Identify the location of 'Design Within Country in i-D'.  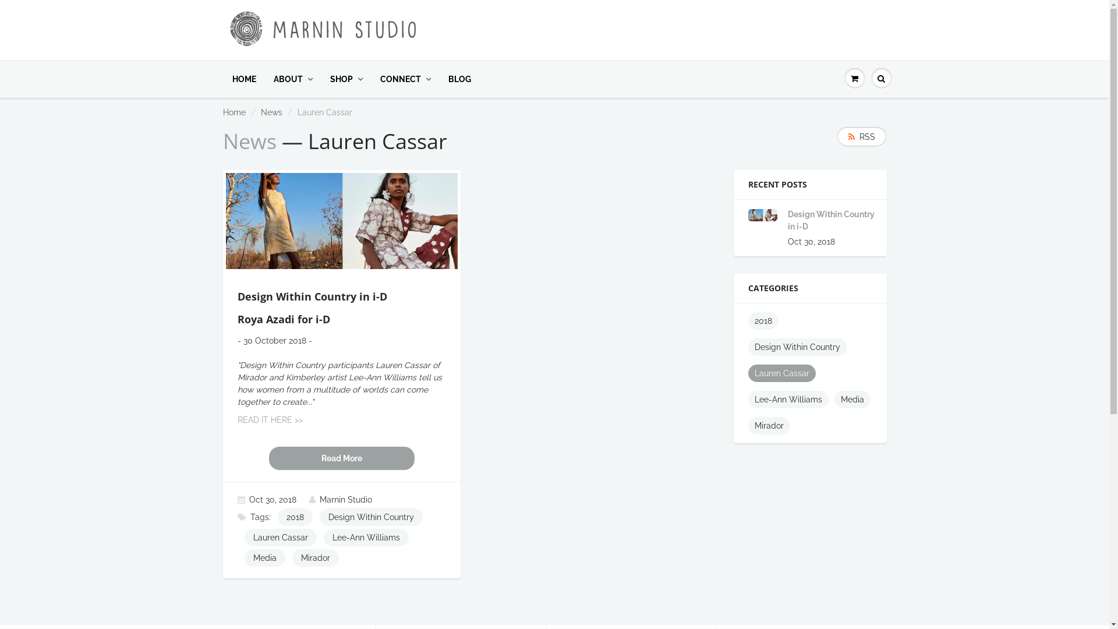
(831, 220).